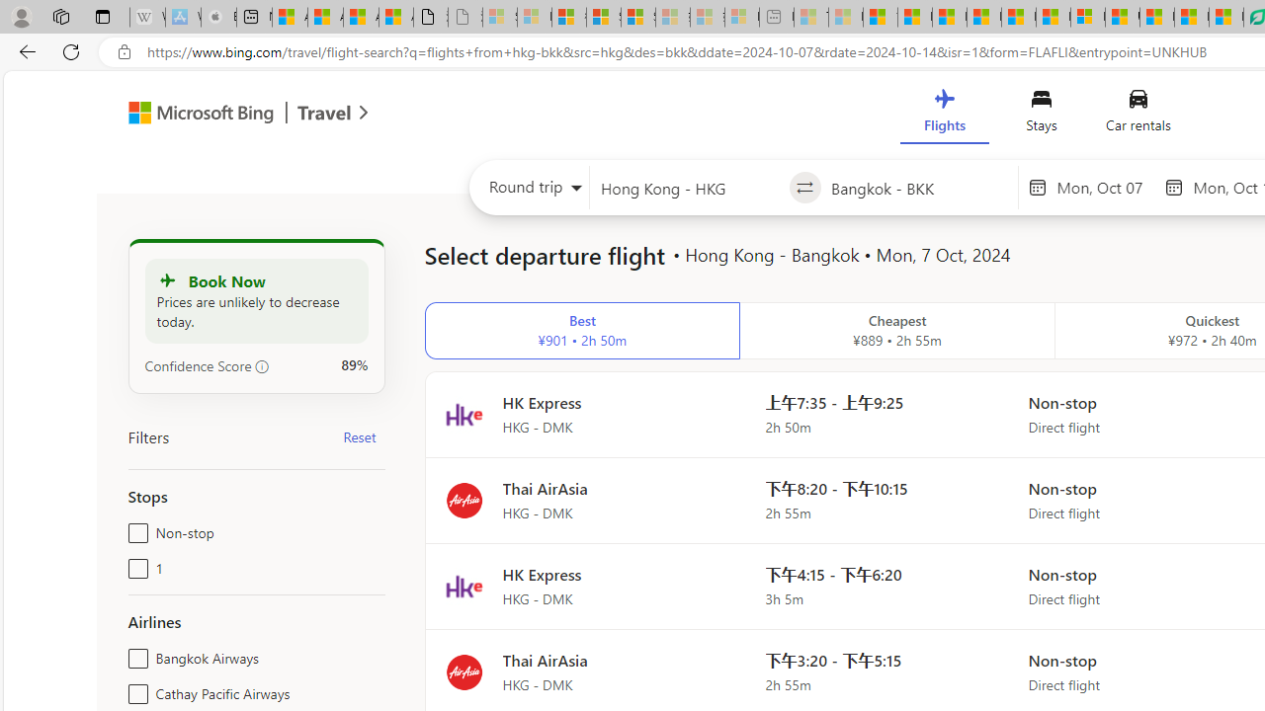  Describe the element at coordinates (530, 192) in the screenshot. I see `'Select trip type'` at that location.